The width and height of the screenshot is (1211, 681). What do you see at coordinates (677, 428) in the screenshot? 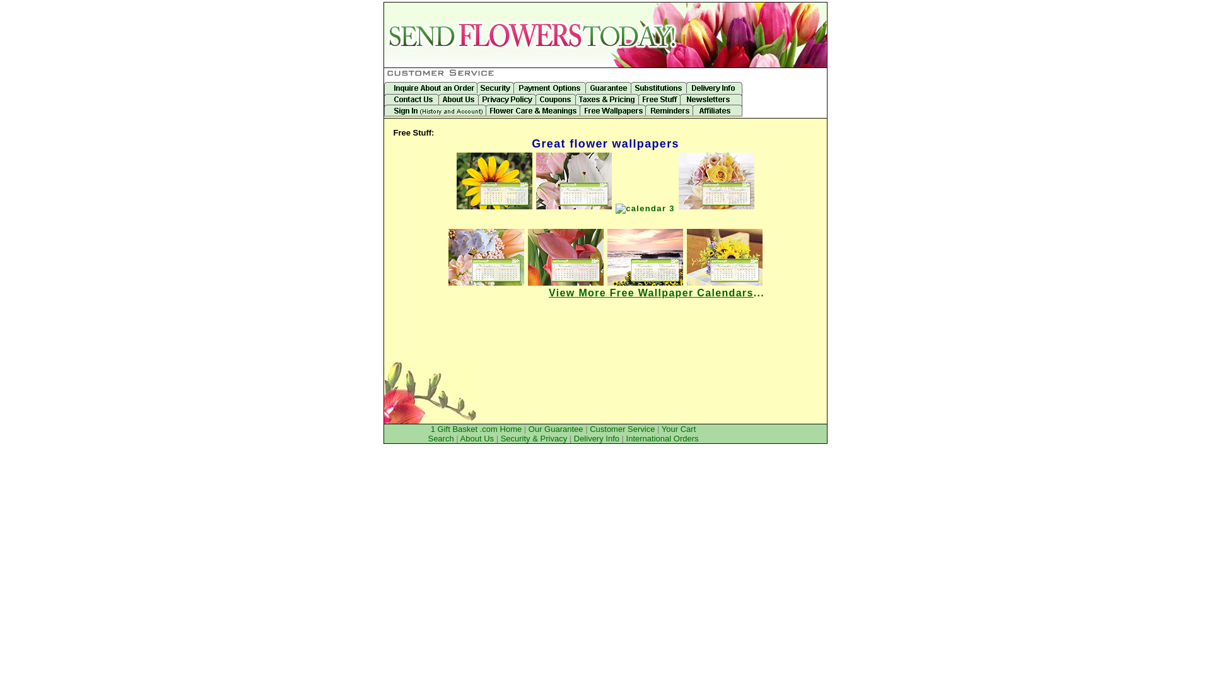
I see `'Your Cart'` at bounding box center [677, 428].